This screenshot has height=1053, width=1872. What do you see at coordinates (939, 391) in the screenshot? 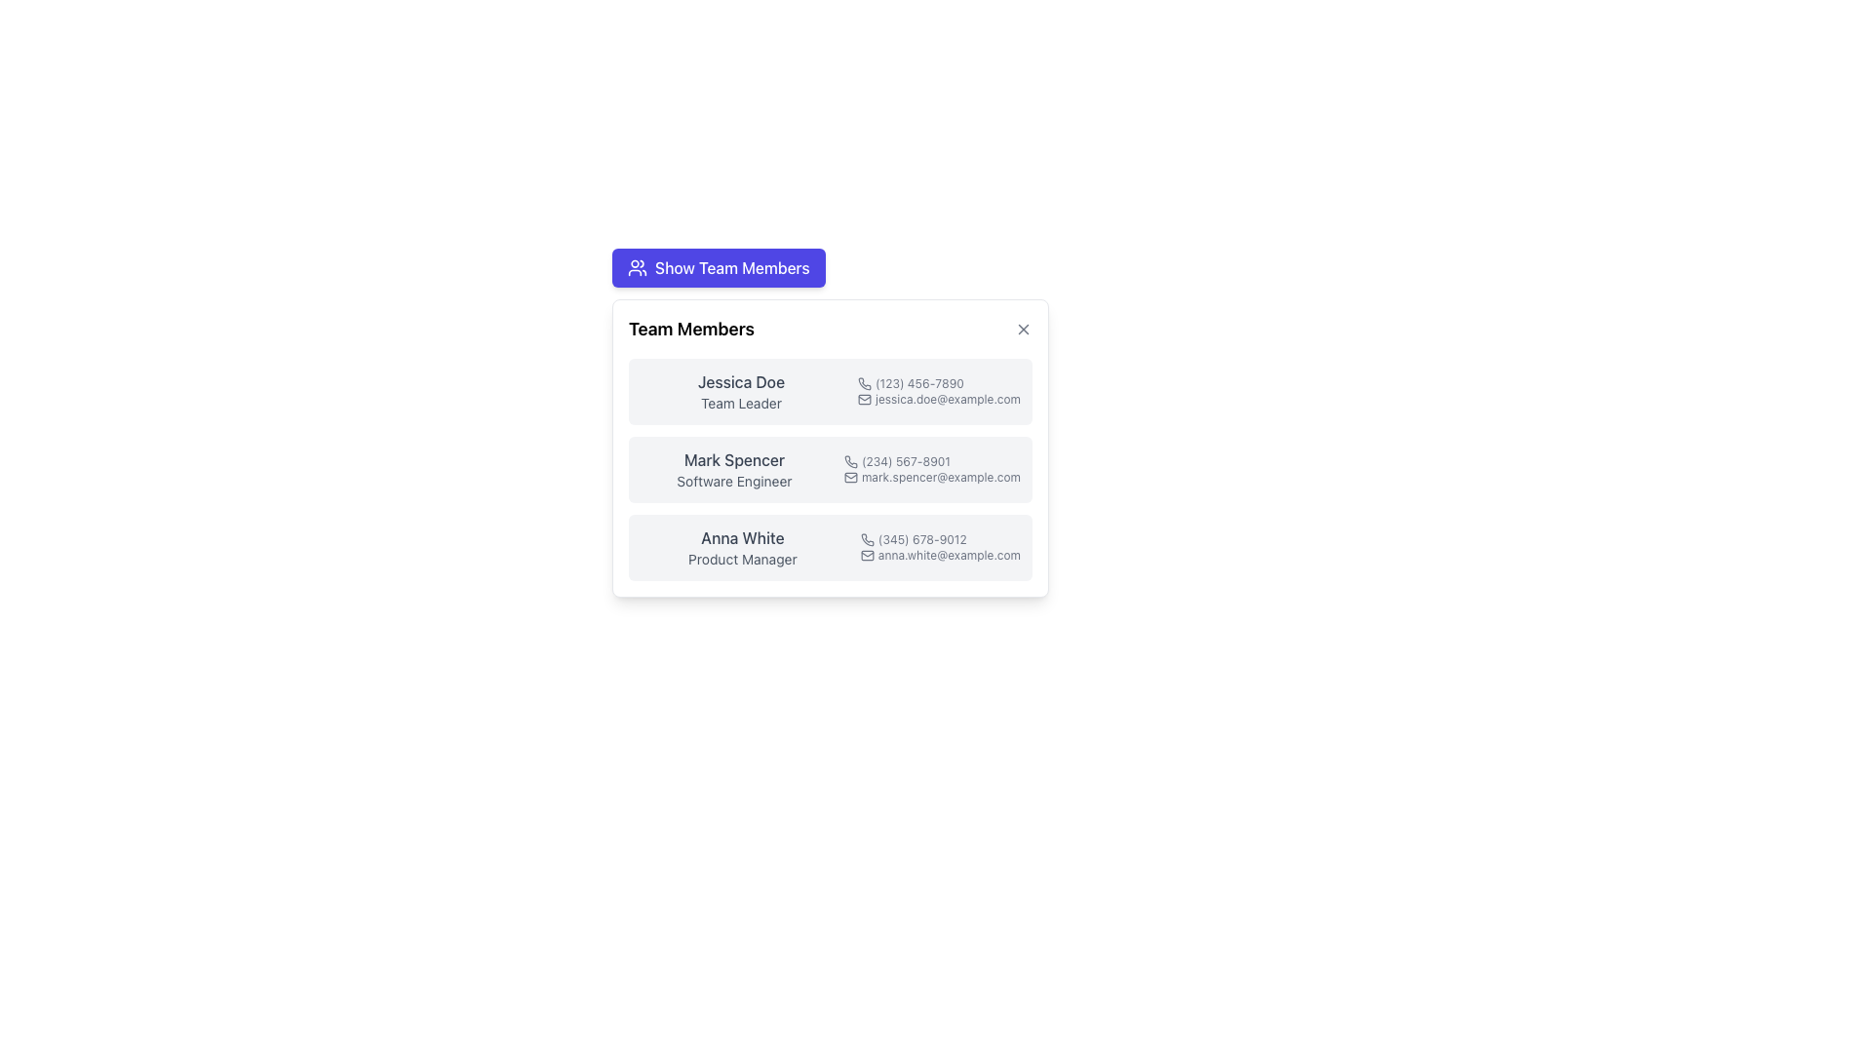
I see `the Text and Icon Pair providing contact information for 'Jessica Doe' in the 'Team Members' section, located below her name and title` at bounding box center [939, 391].